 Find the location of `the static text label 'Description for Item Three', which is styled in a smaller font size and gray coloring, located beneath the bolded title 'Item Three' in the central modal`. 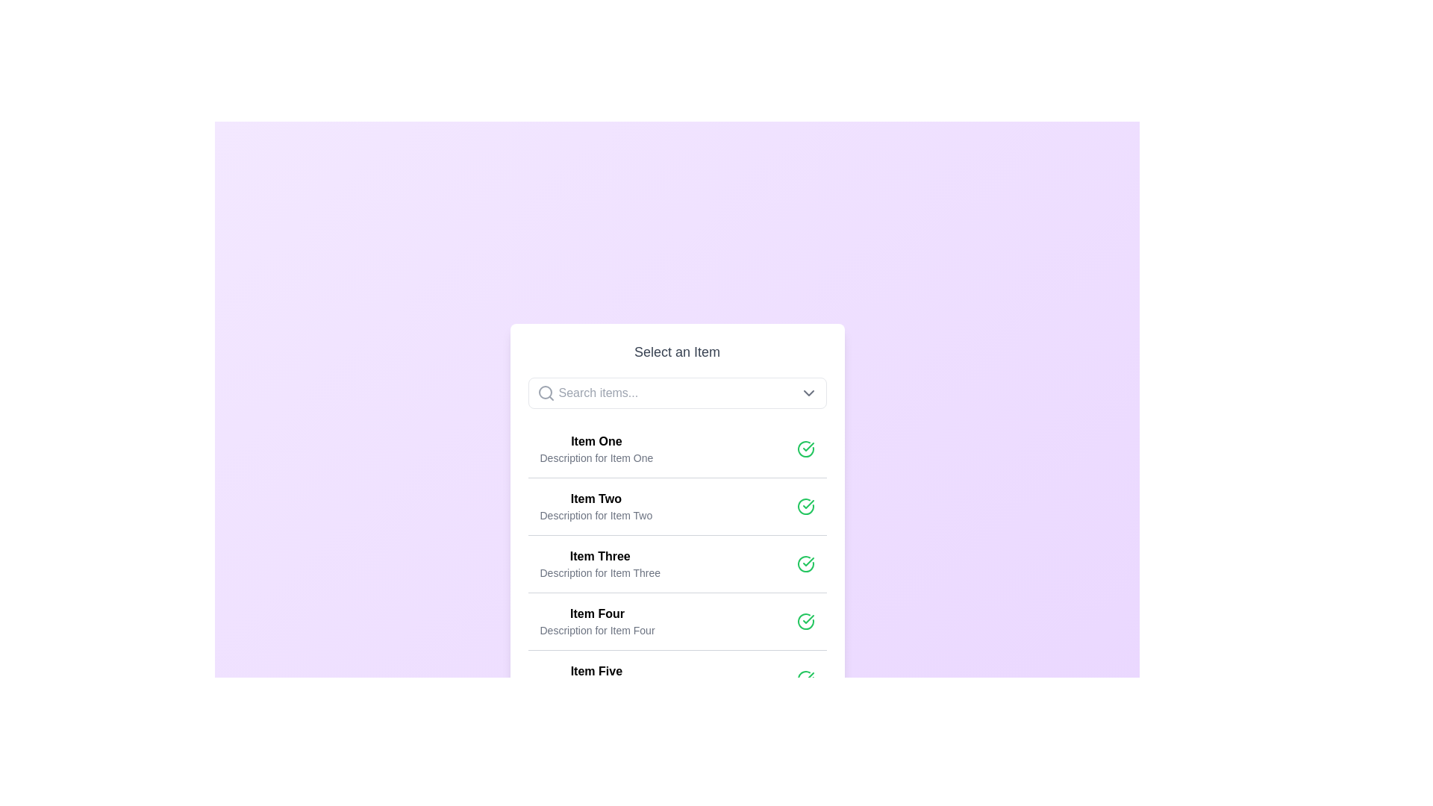

the static text label 'Description for Item Three', which is styled in a smaller font size and gray coloring, located beneath the bolded title 'Item Three' in the central modal is located at coordinates (600, 572).